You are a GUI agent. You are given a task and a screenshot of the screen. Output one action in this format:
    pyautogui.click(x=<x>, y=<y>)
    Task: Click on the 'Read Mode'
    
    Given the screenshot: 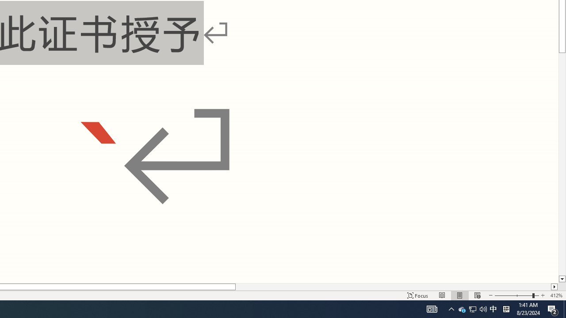 What is the action you would take?
    pyautogui.click(x=442, y=295)
    